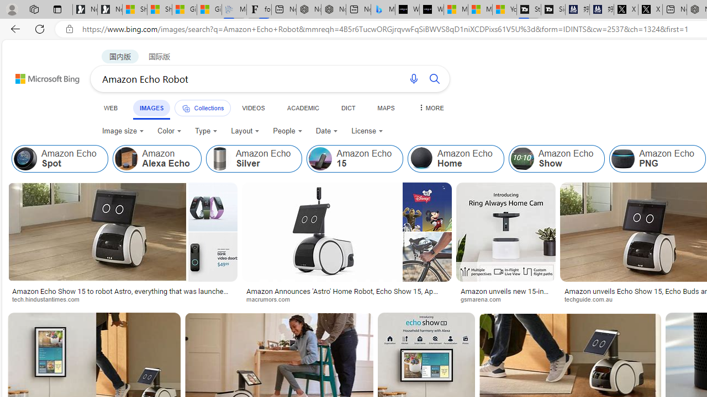 The height and width of the screenshot is (397, 707). I want to click on 'tech.hindustantimes.com', so click(49, 299).